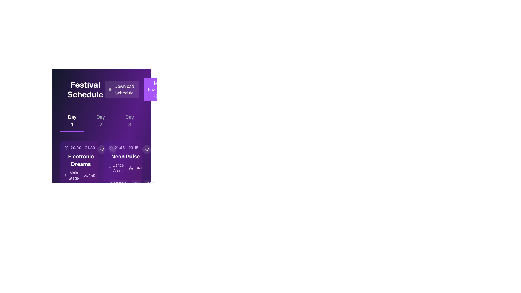 The width and height of the screenshot is (521, 293). Describe the element at coordinates (147, 149) in the screenshot. I see `the heart icon located inside the rounded button adjacent to the 'Neon Pulse' event listing to read the tooltip` at that location.